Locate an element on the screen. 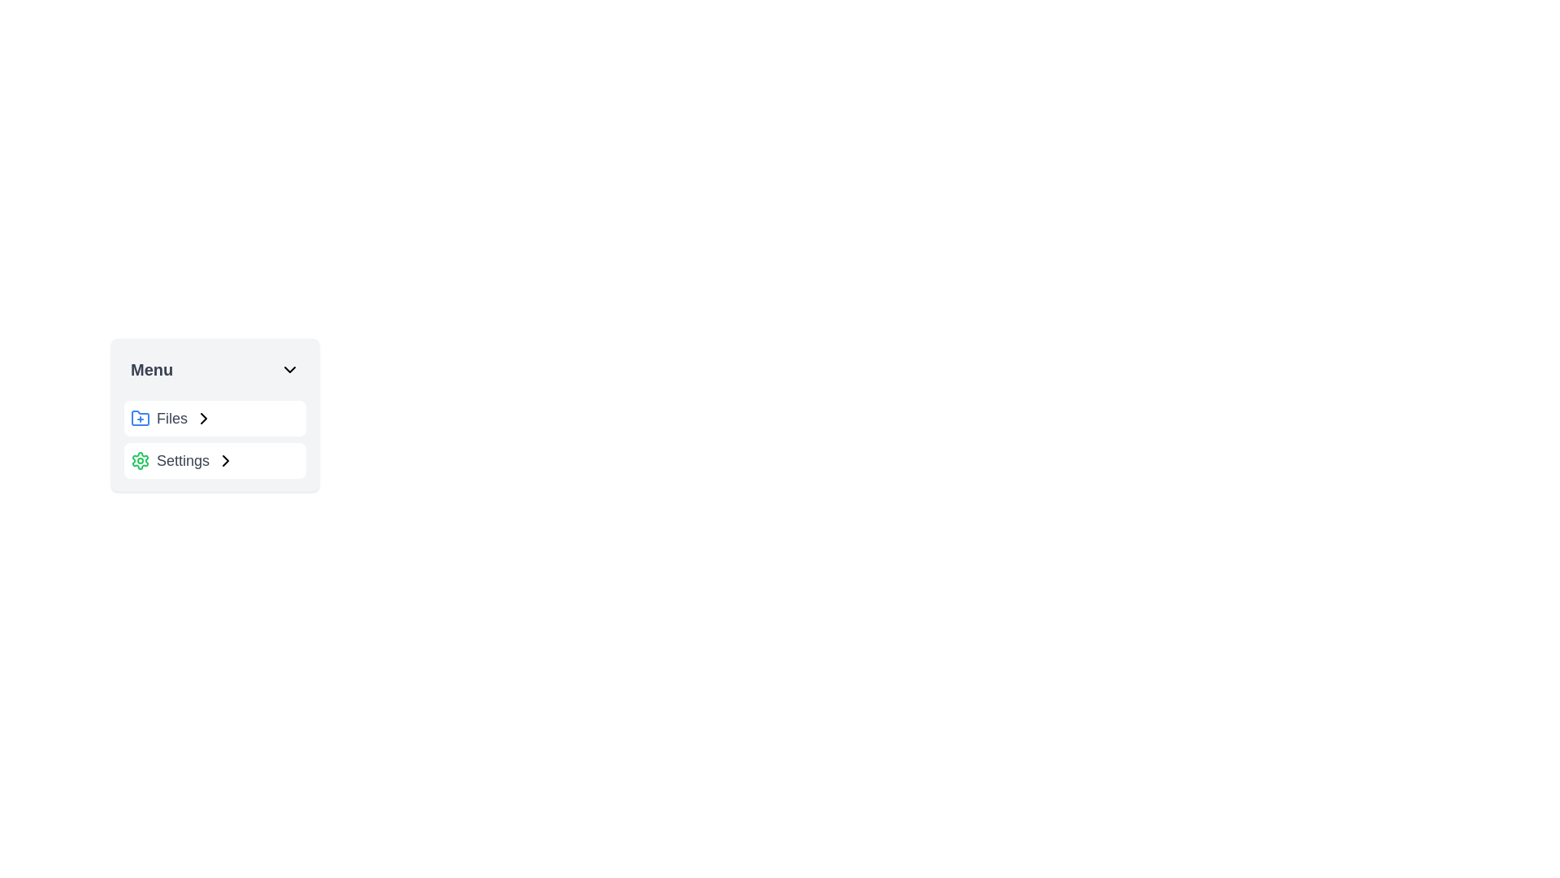 The height and width of the screenshot is (878, 1560). the 'Settings' label, which is a gray text label with medium font weight and large size, located beside a green gear icon in the second row of the 'Menu' is located at coordinates (183, 461).